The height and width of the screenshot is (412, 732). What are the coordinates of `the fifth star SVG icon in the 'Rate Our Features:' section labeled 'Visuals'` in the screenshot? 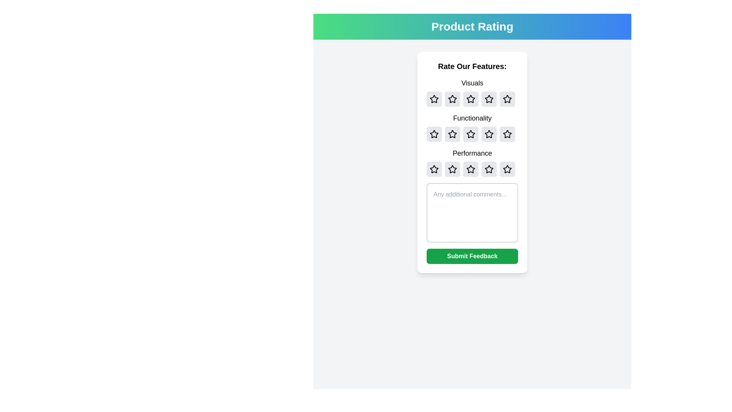 It's located at (507, 98).